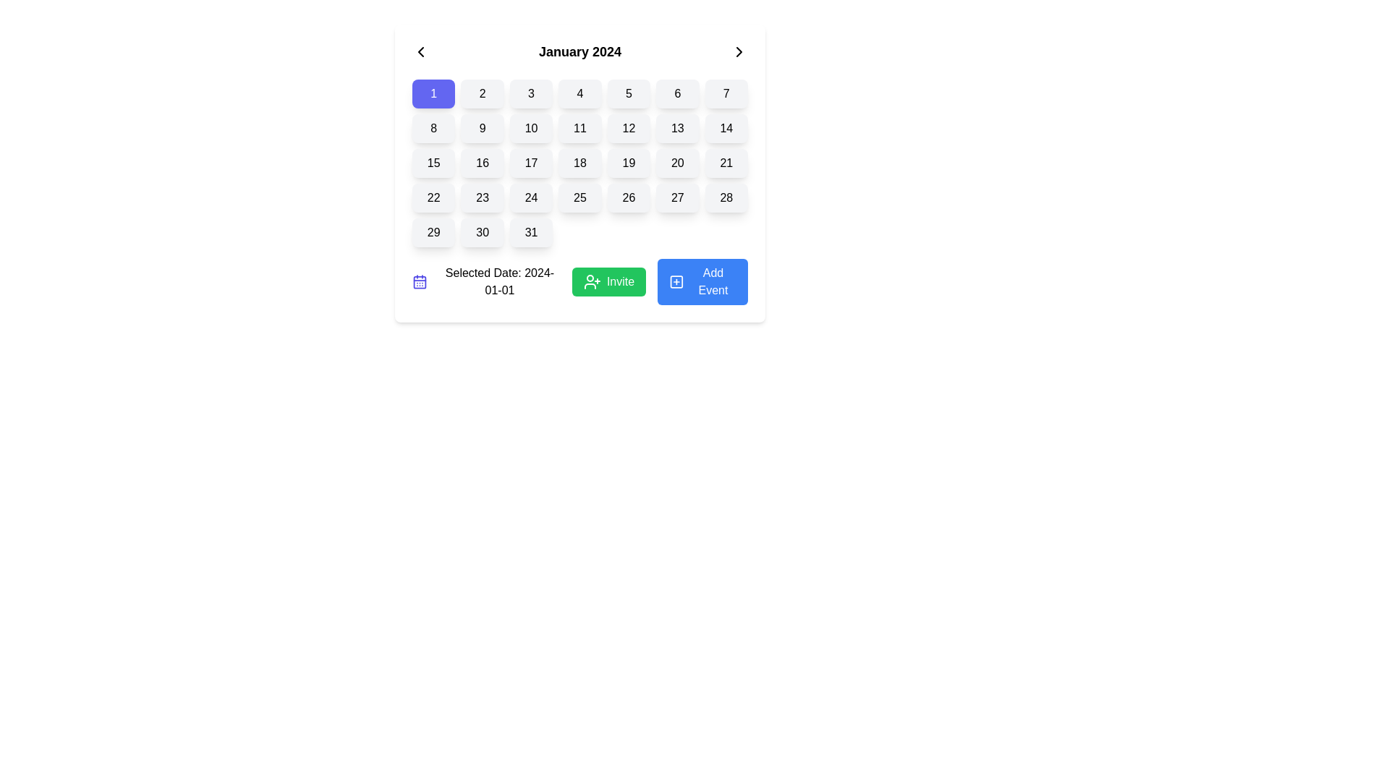  Describe the element at coordinates (726, 163) in the screenshot. I see `the non-interactive Calendar day item displaying the number '21' in the grid layout` at that location.